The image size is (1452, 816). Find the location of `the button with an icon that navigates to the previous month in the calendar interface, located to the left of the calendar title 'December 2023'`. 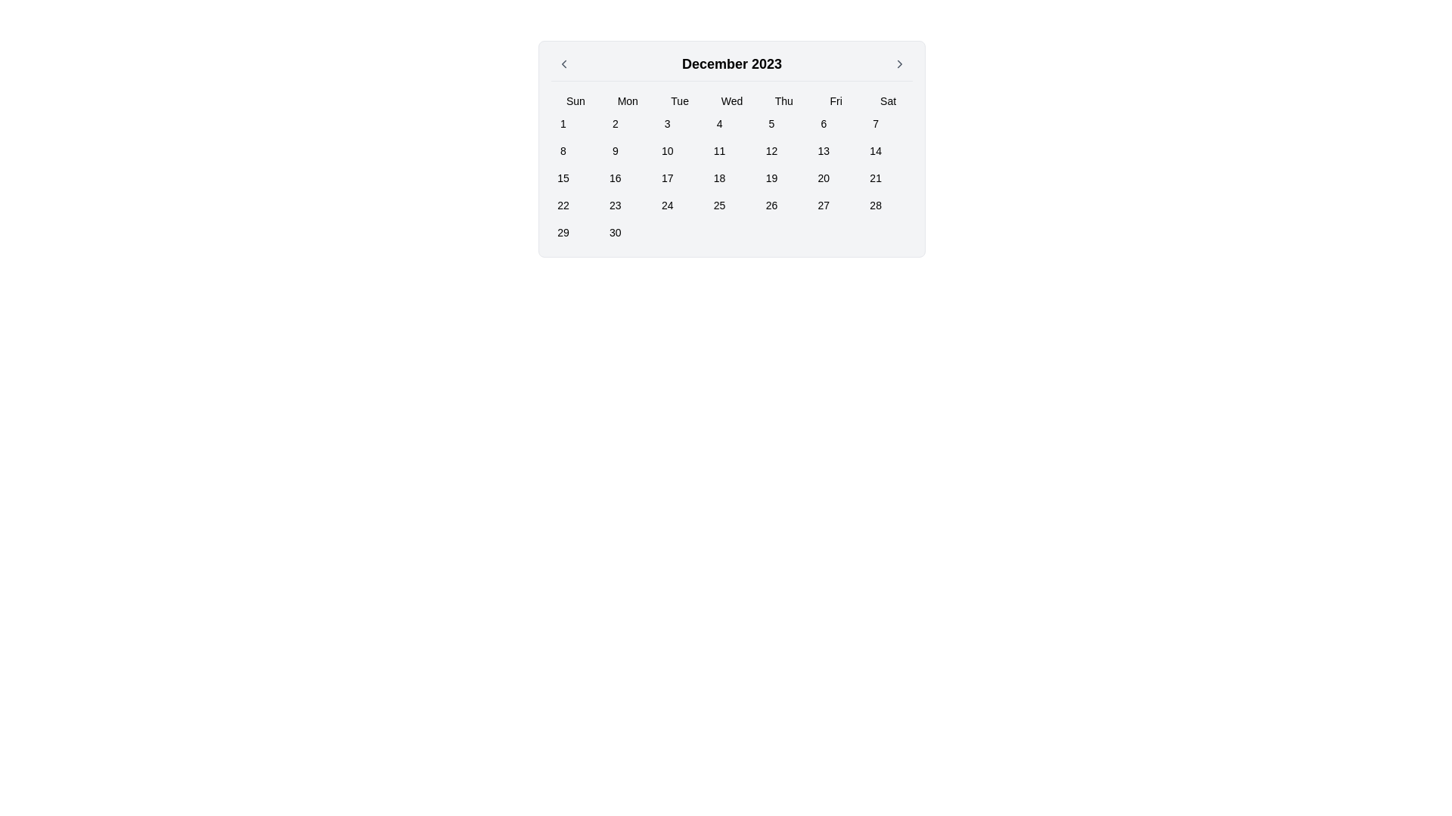

the button with an icon that navigates to the previous month in the calendar interface, located to the left of the calendar title 'December 2023' is located at coordinates (563, 63).